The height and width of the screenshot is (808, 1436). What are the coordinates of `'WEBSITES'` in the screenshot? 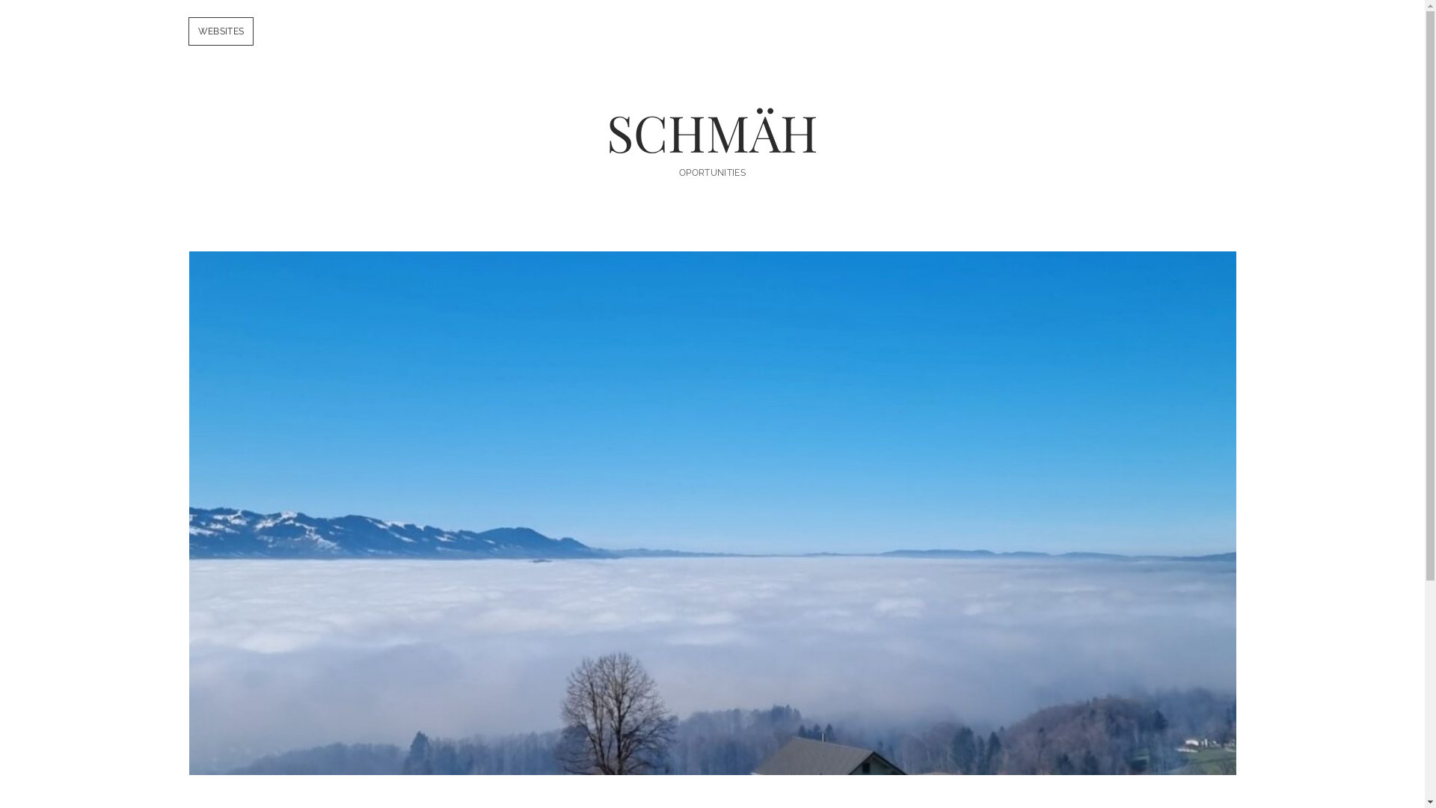 It's located at (188, 31).